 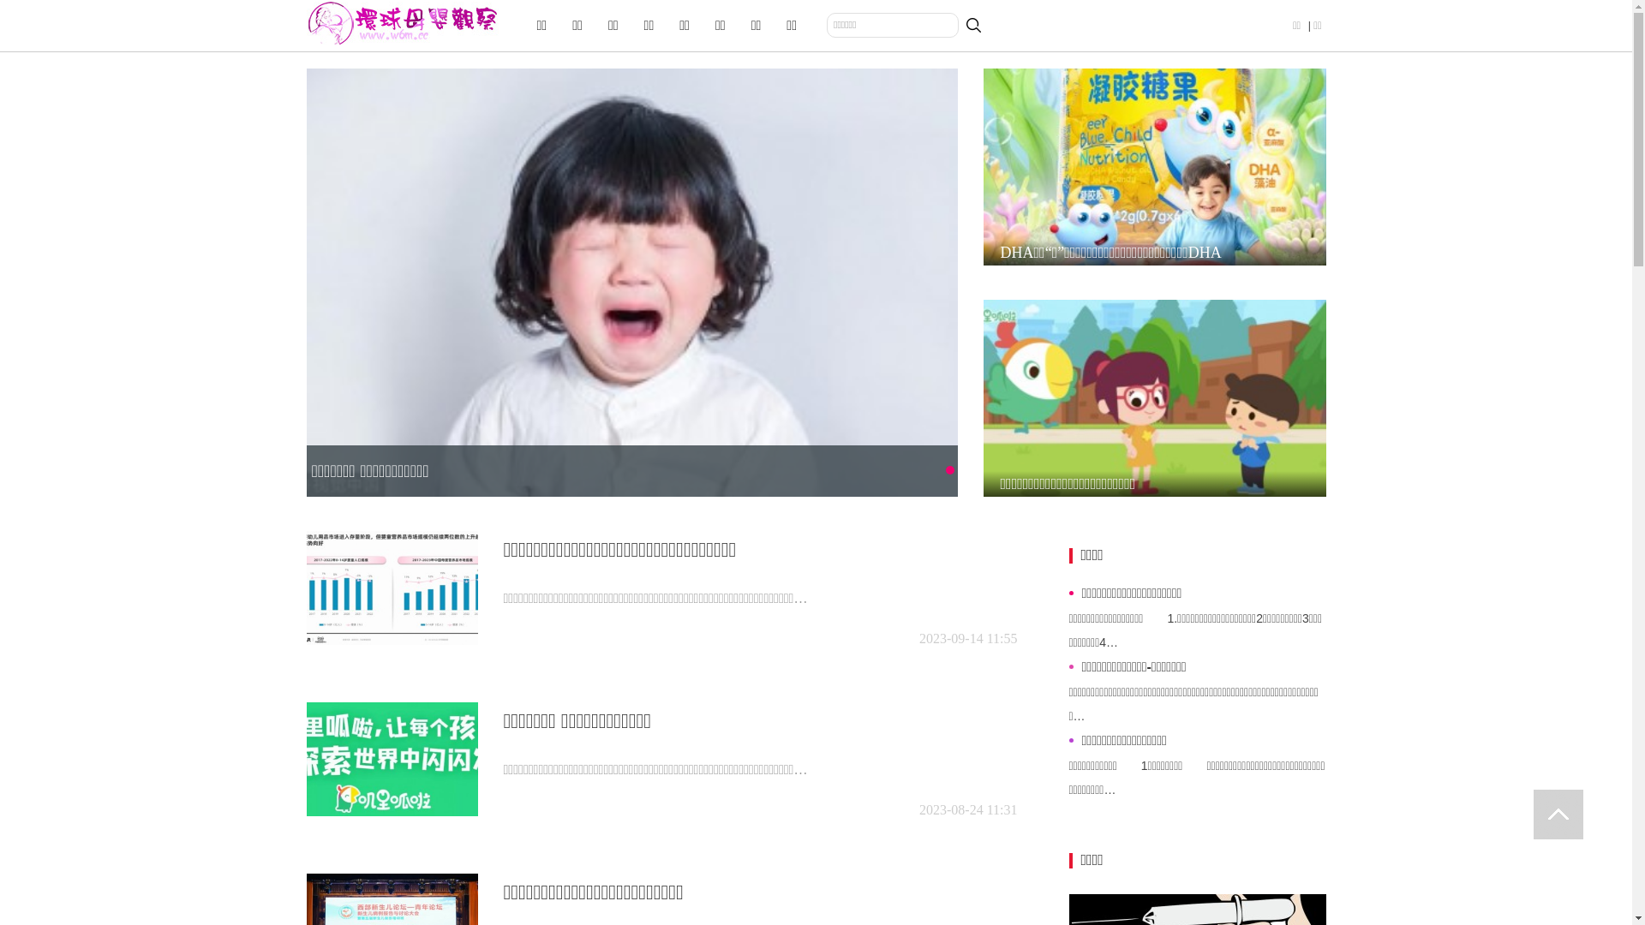 What do you see at coordinates (968, 638) in the screenshot?
I see `'2023-09-14 11:55'` at bounding box center [968, 638].